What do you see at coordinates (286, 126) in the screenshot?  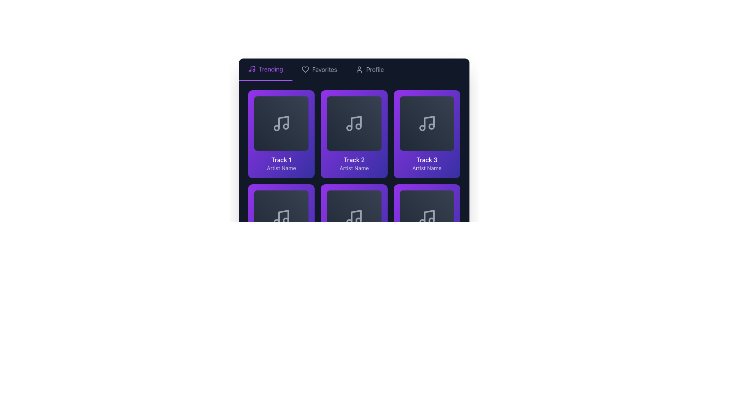 I see `the second circular element of the SVG musical note icon located in the first card of the music tracks grid in the top-left area of the page` at bounding box center [286, 126].